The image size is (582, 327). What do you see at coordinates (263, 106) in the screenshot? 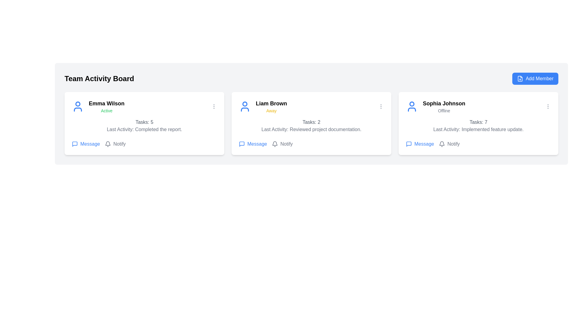
I see `displayed text of the user information section which shows the name 'Liam Brown' and status 'Away'` at bounding box center [263, 106].